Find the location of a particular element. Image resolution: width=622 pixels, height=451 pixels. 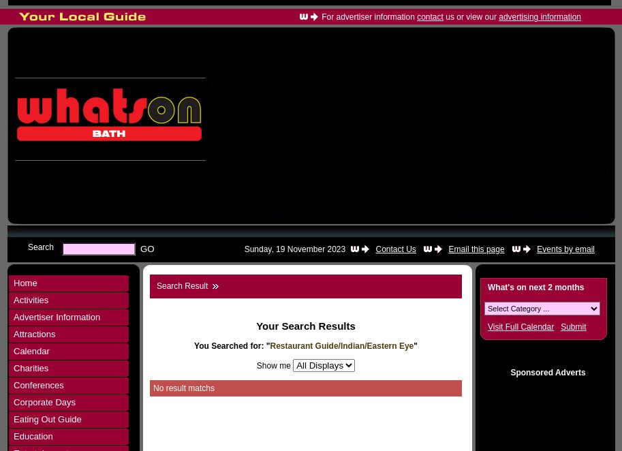

'Search Result' is located at coordinates (182, 285).